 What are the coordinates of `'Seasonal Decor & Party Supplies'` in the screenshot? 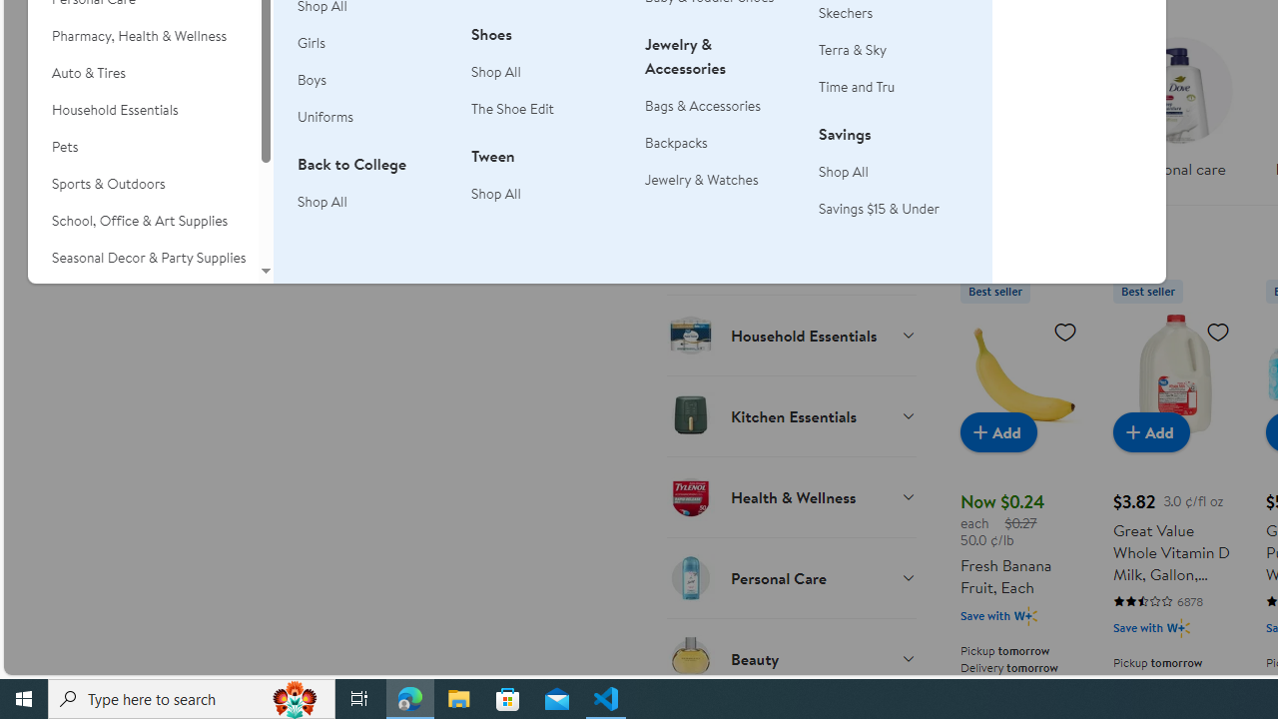 It's located at (142, 257).